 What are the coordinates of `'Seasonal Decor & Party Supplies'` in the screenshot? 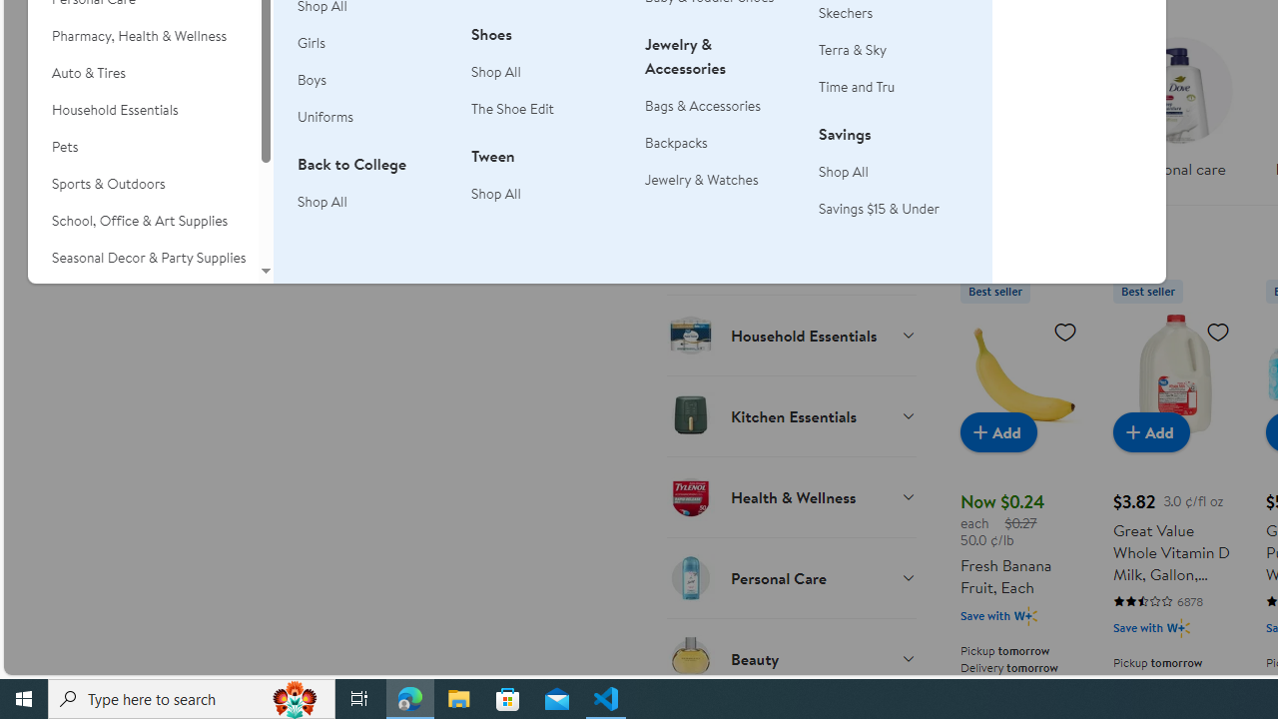 It's located at (142, 257).